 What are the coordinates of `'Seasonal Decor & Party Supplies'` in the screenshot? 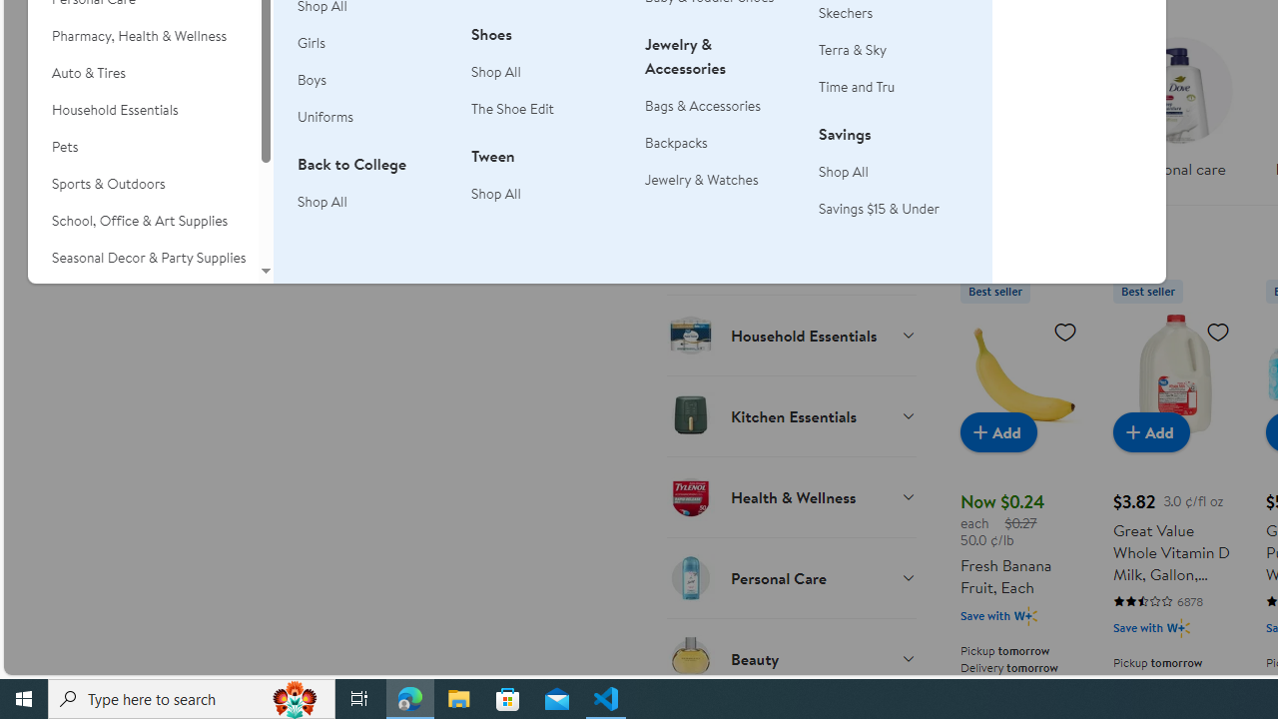 It's located at (142, 257).